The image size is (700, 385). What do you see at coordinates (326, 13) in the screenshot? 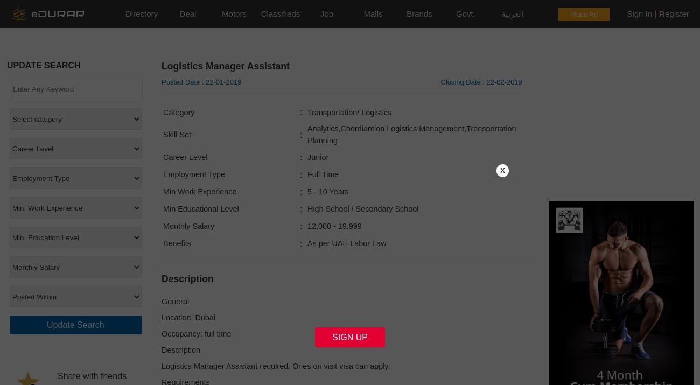
I see `'Job'` at bounding box center [326, 13].